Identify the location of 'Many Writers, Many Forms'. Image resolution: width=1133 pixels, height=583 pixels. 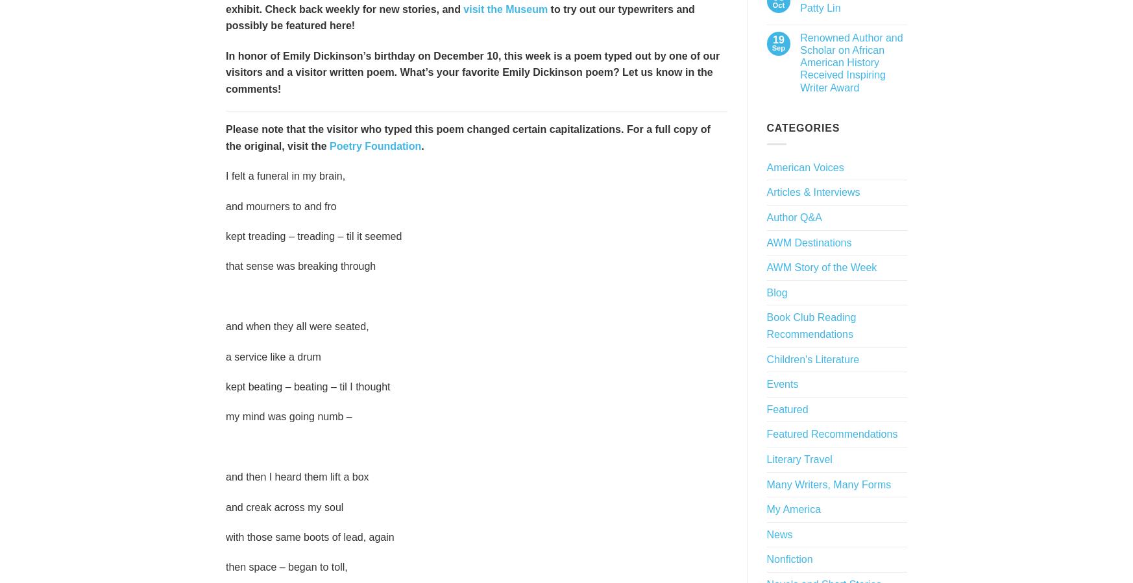
(828, 483).